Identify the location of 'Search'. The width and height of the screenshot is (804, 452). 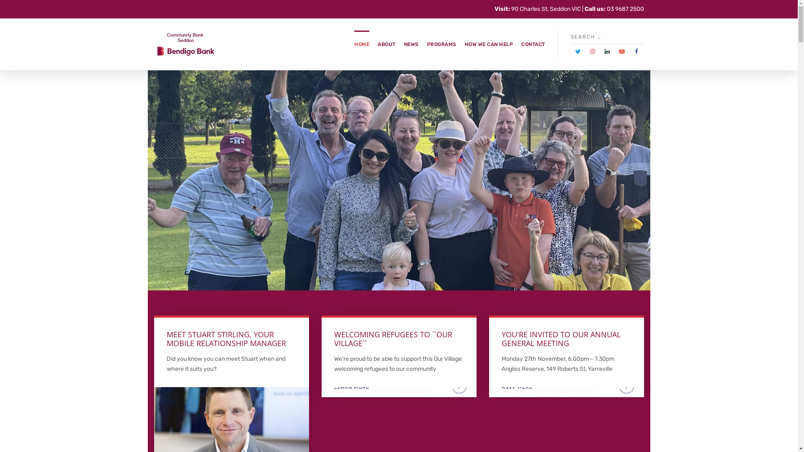
(639, 36).